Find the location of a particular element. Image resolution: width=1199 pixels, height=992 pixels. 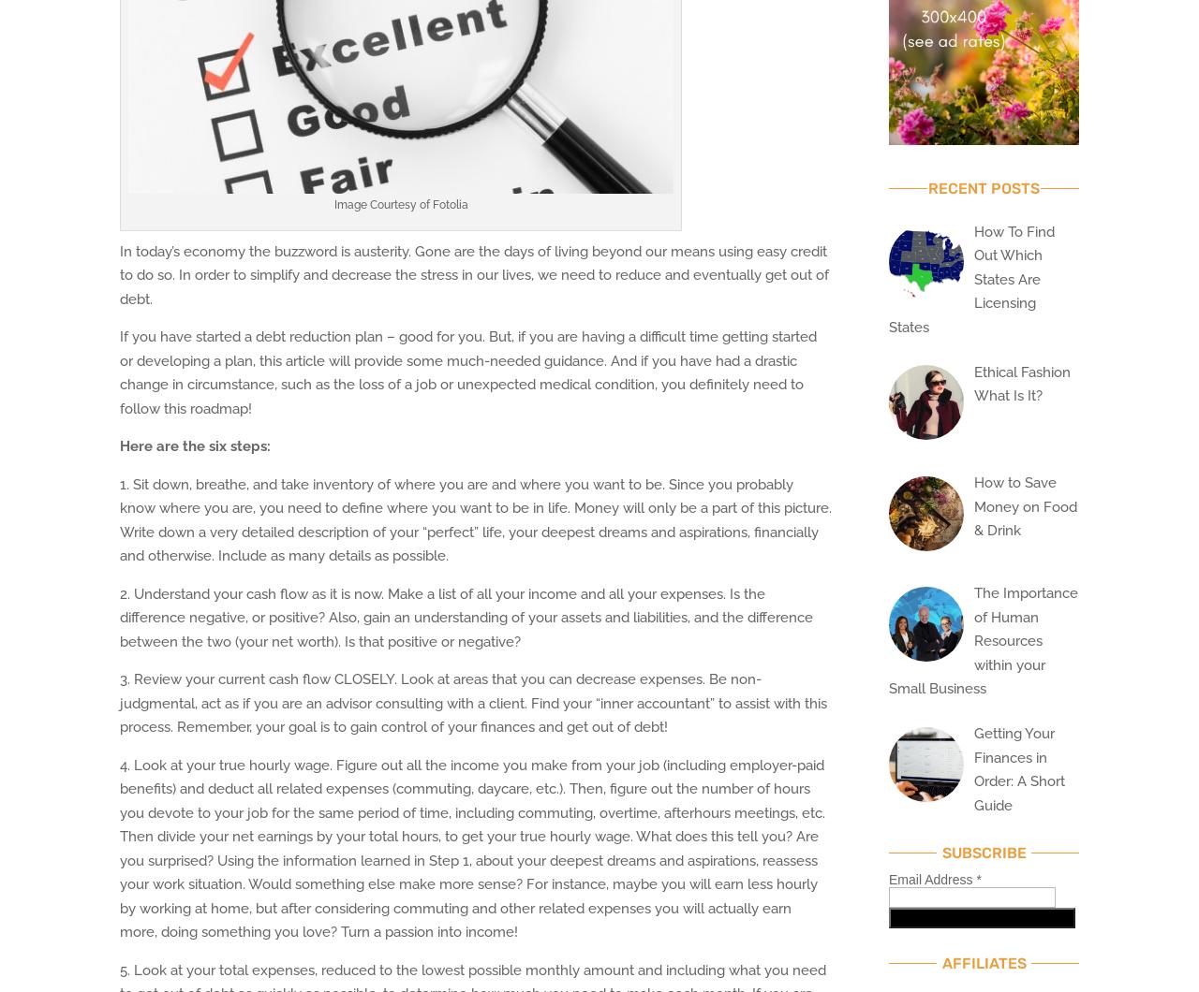

'2. Understand your cash flow as it is now. Make a list of all your income and all your expenses. Is the difference negative, or positive? Also, gain an understanding of your assets and liabilities, and the difference between the two (your net worth). Is that positive or negative?' is located at coordinates (119, 617).